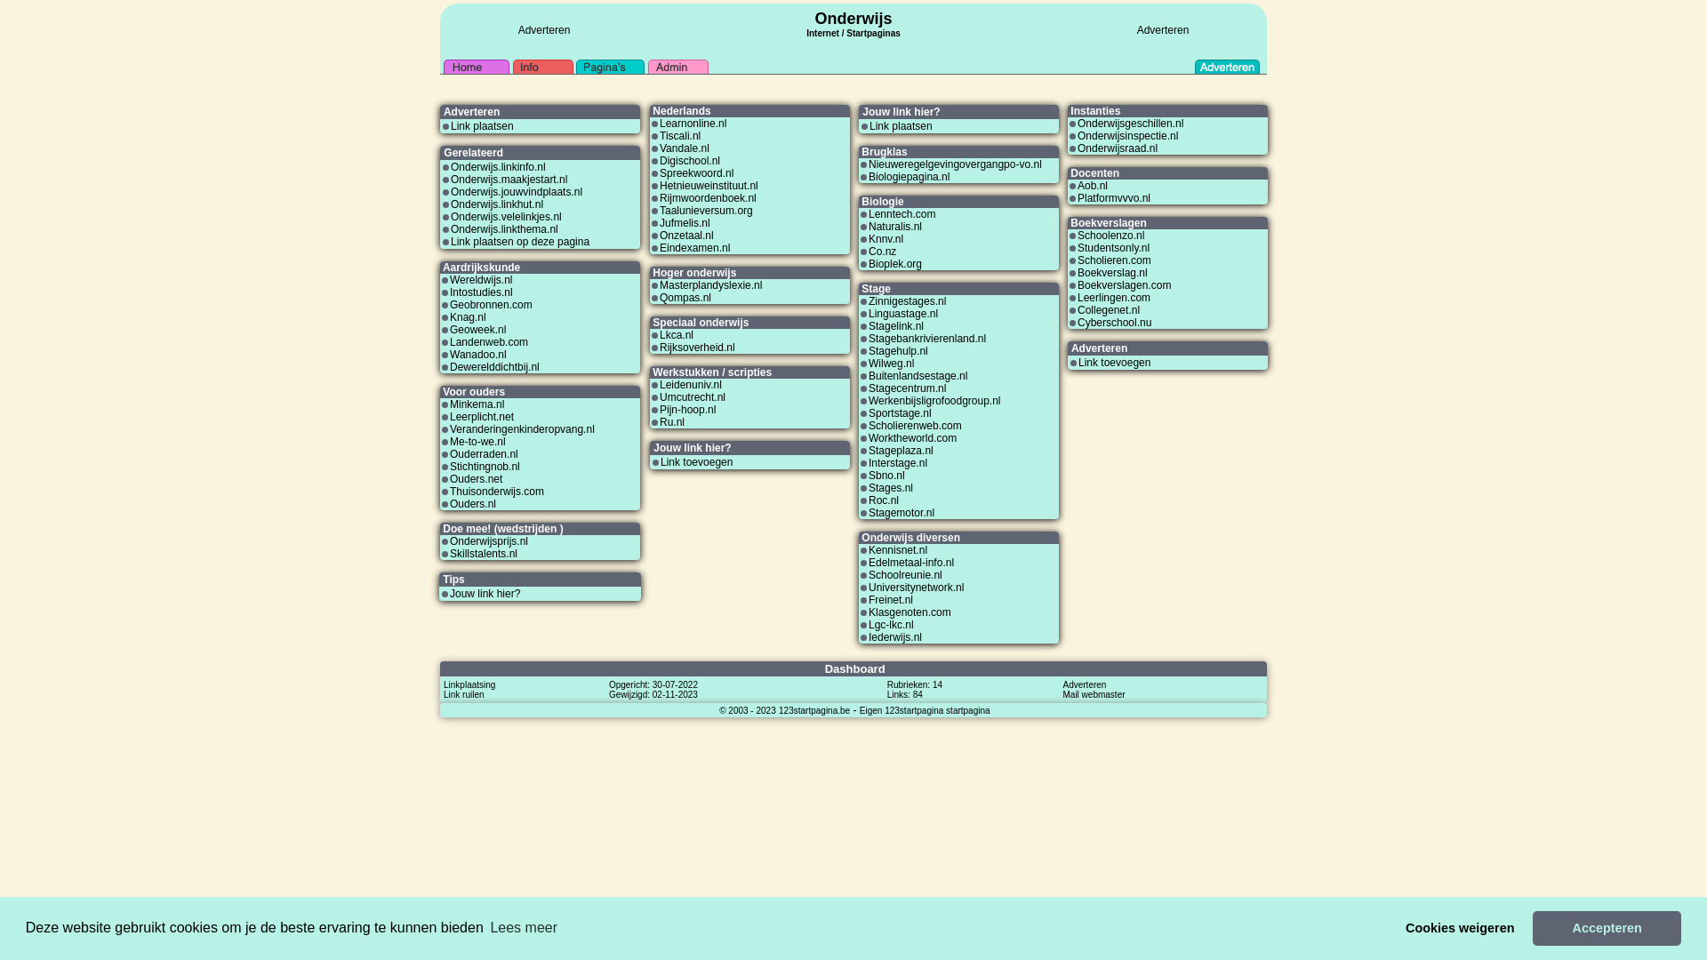  What do you see at coordinates (486, 927) in the screenshot?
I see `'Lees meer'` at bounding box center [486, 927].